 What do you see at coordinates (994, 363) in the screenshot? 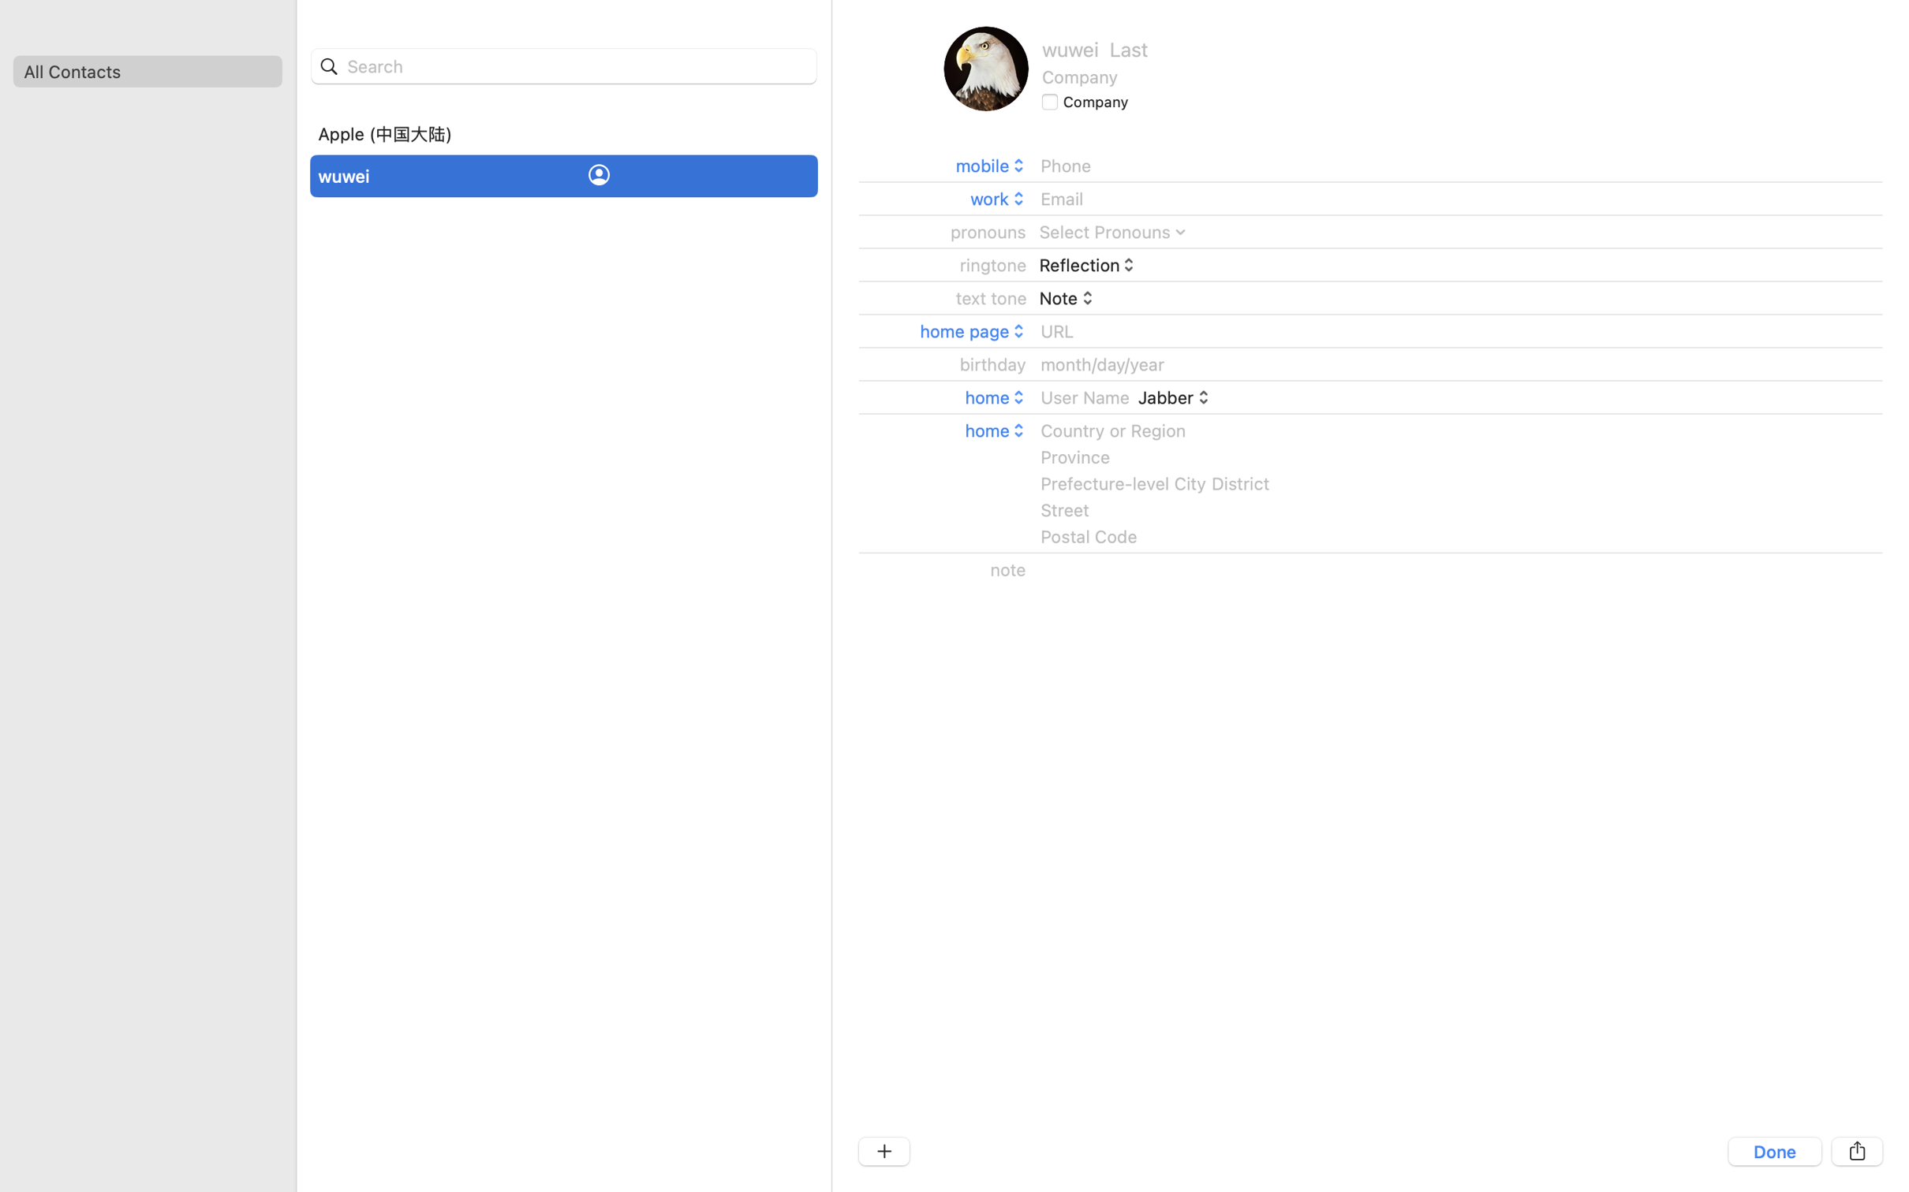
I see `'birthday'` at bounding box center [994, 363].